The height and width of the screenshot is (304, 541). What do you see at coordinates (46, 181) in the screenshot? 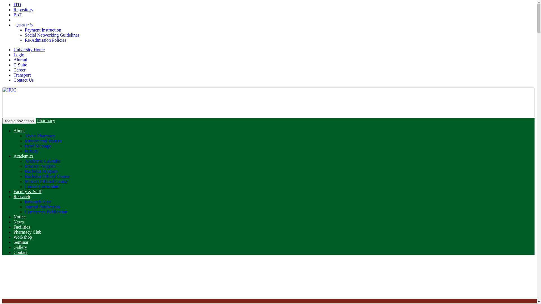
I see `'Masters Offered Course'` at bounding box center [46, 181].